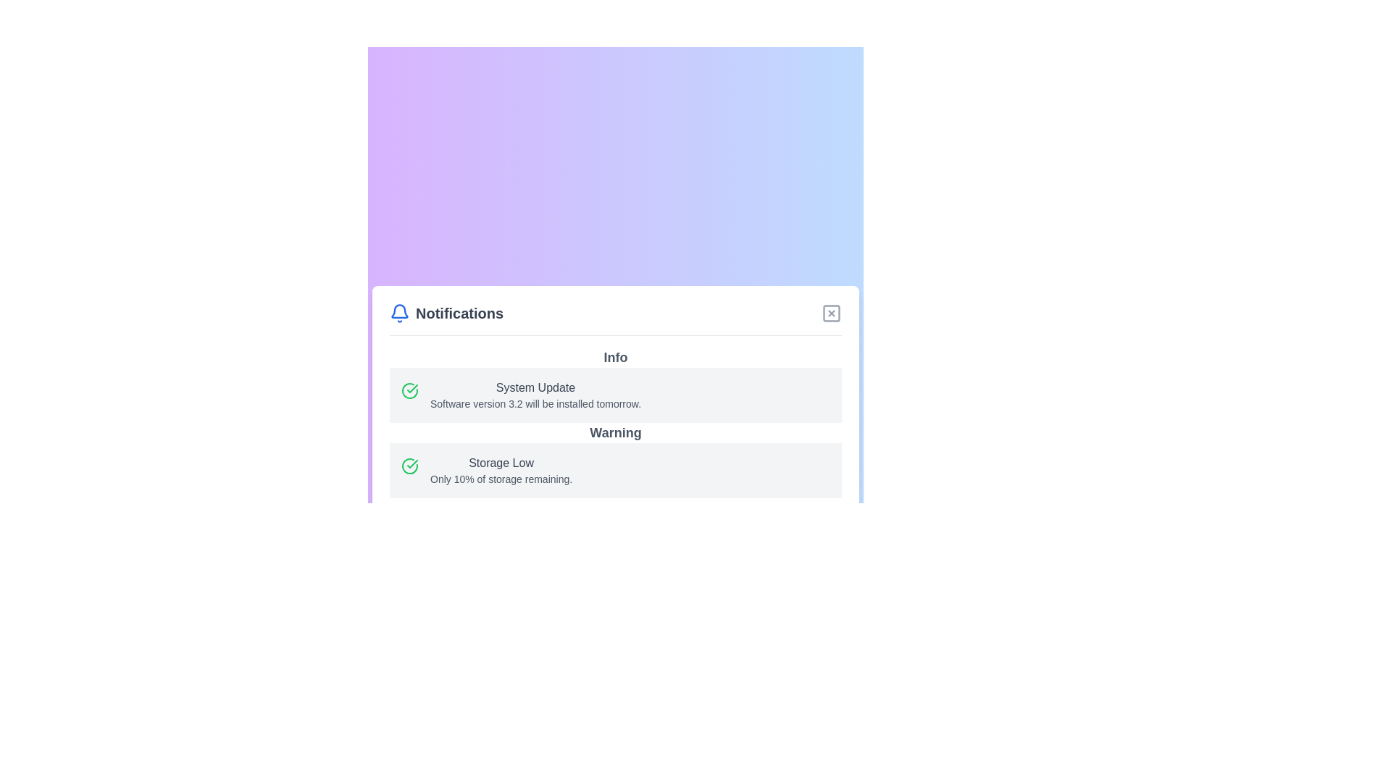 This screenshot has width=1391, height=782. Describe the element at coordinates (501, 470) in the screenshot. I see `the warning message indicating low storage, which reads 'Storage Low' in bold gray text and 'Only 10% of storage remaining' in smaller light gray text` at that location.